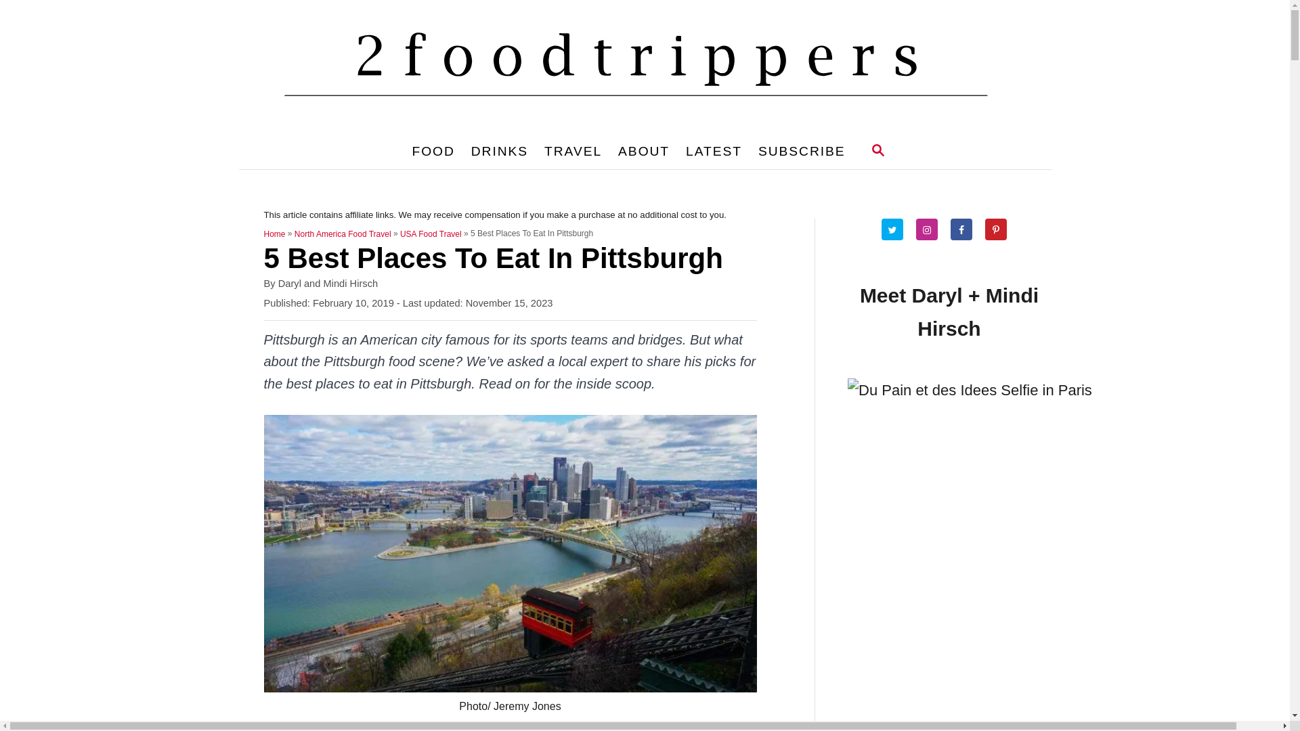 This screenshot has height=731, width=1300. I want to click on 'SEARCH, so click(877, 151).